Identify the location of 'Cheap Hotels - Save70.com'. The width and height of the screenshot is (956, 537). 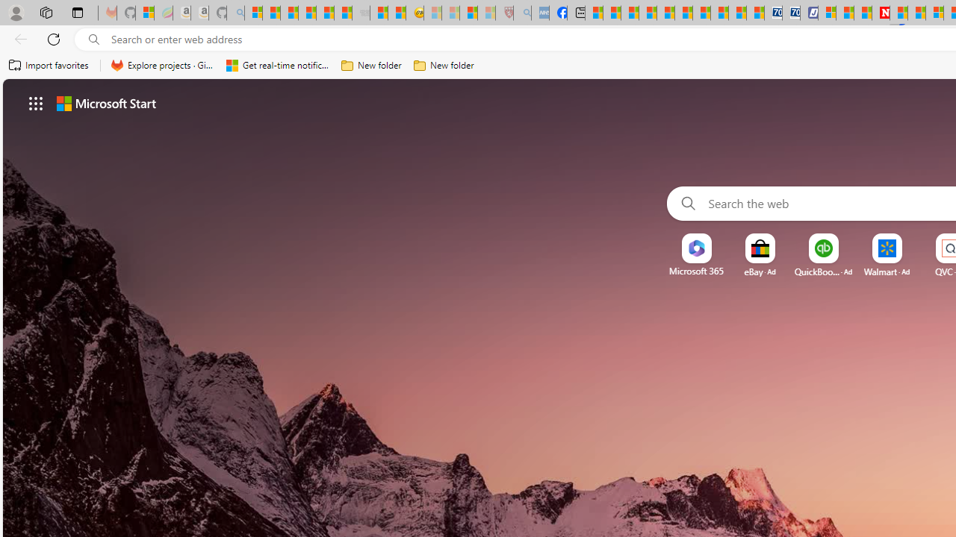
(790, 13).